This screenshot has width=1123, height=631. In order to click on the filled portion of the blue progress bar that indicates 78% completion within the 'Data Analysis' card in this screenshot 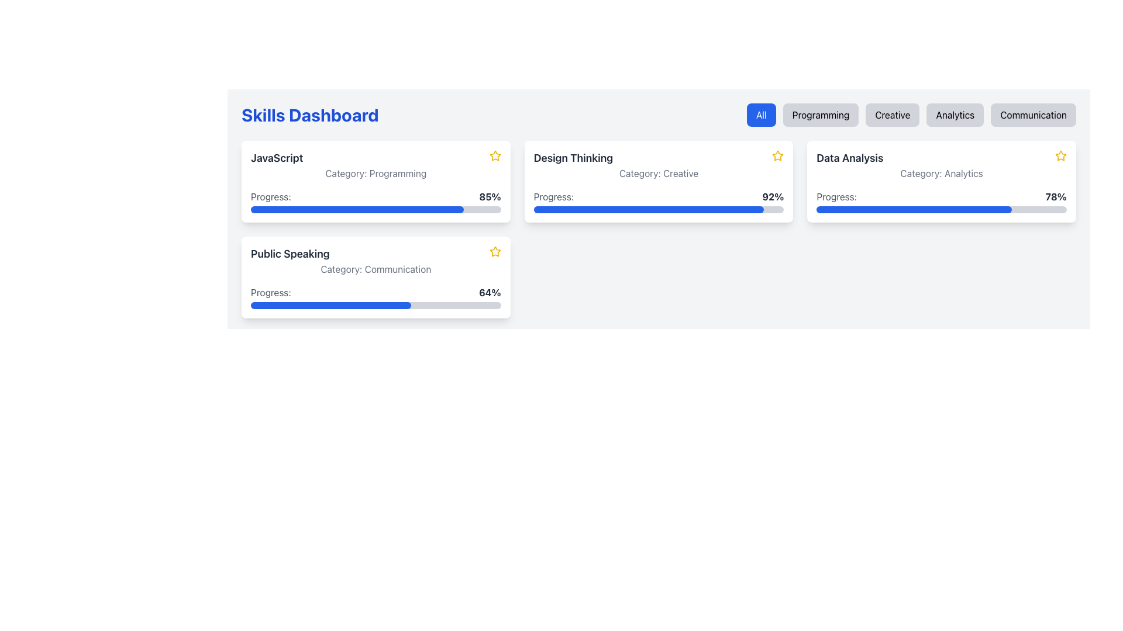, I will do `click(914, 209)`.